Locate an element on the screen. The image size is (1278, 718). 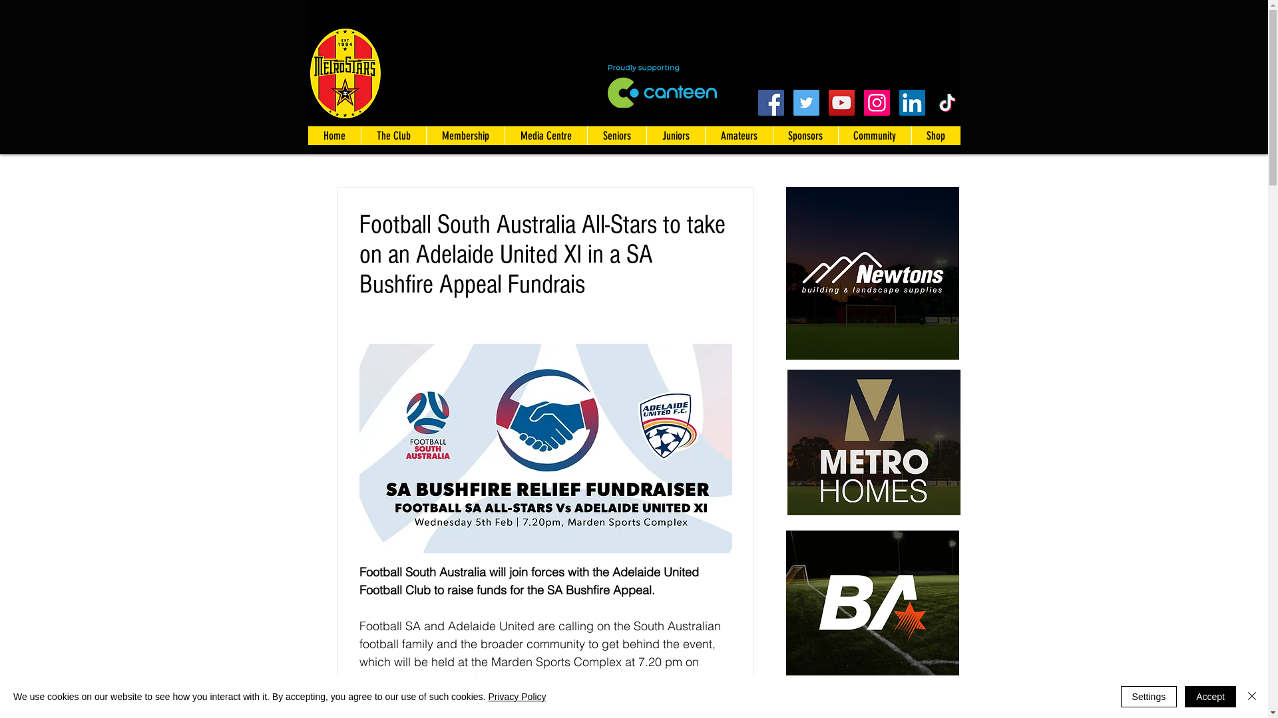
'Amateurs' is located at coordinates (737, 136).